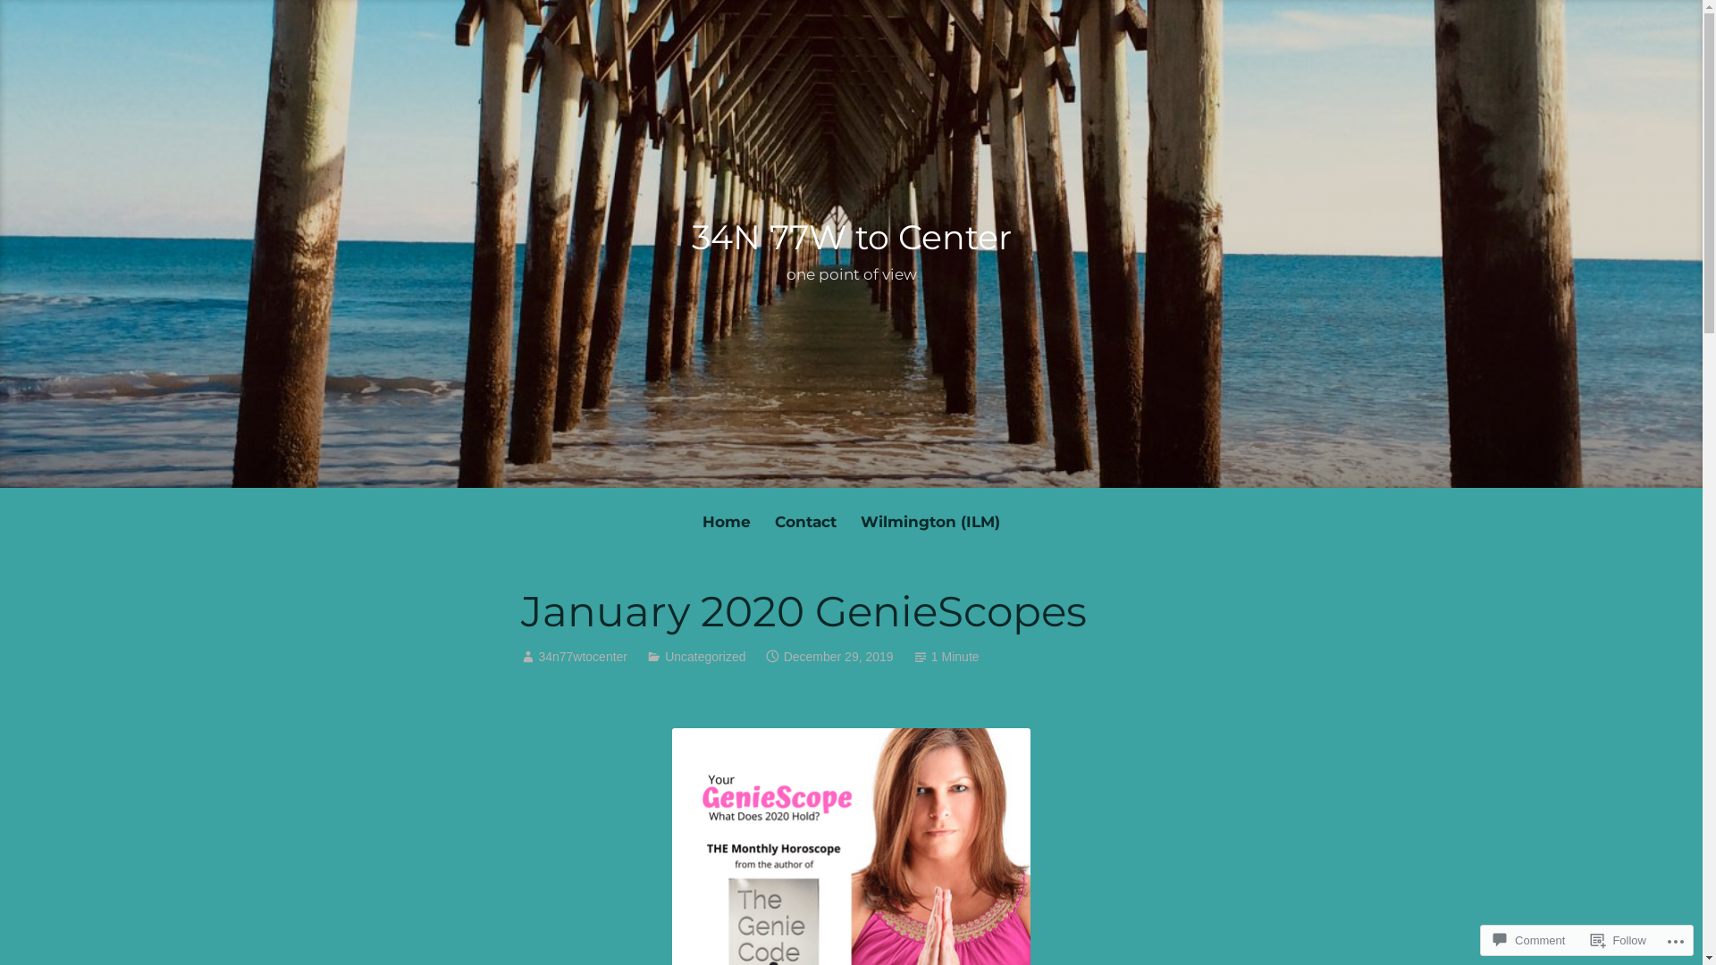  Describe the element at coordinates (583, 657) in the screenshot. I see `'34n77wtocenter'` at that location.